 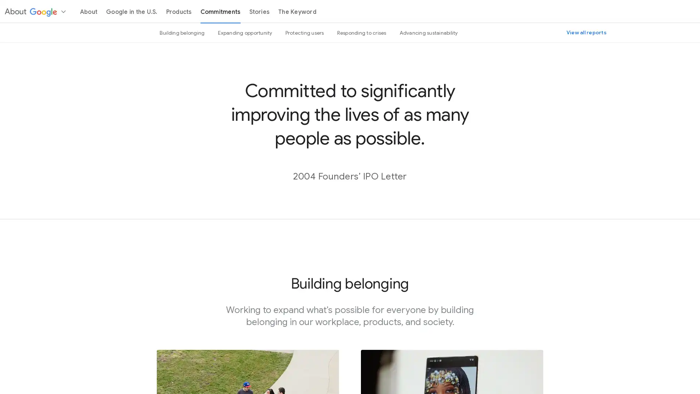 What do you see at coordinates (361, 32) in the screenshot?
I see `Responding to crises` at bounding box center [361, 32].